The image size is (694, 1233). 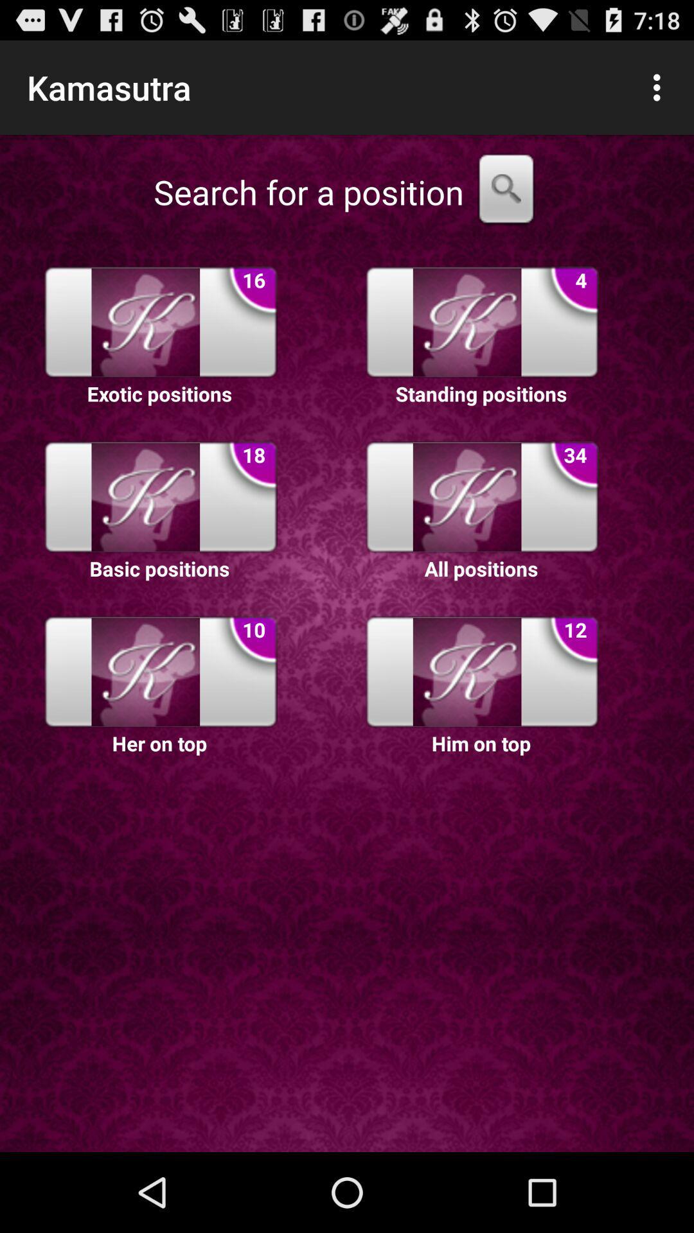 I want to click on the item to the right of kamasutra icon, so click(x=660, y=87).